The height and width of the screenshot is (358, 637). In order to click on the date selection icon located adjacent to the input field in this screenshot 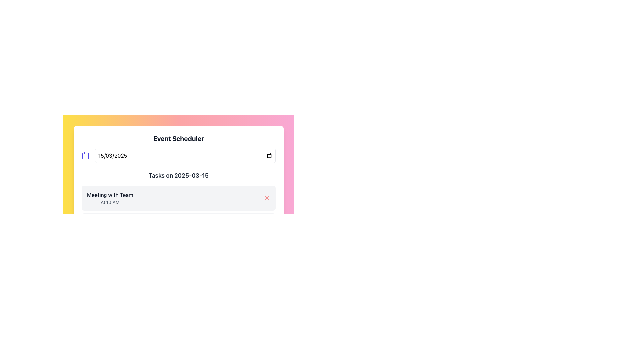, I will do `click(85, 156)`.